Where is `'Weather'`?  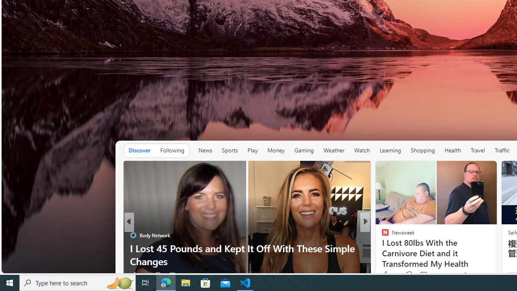 'Weather' is located at coordinates (334, 150).